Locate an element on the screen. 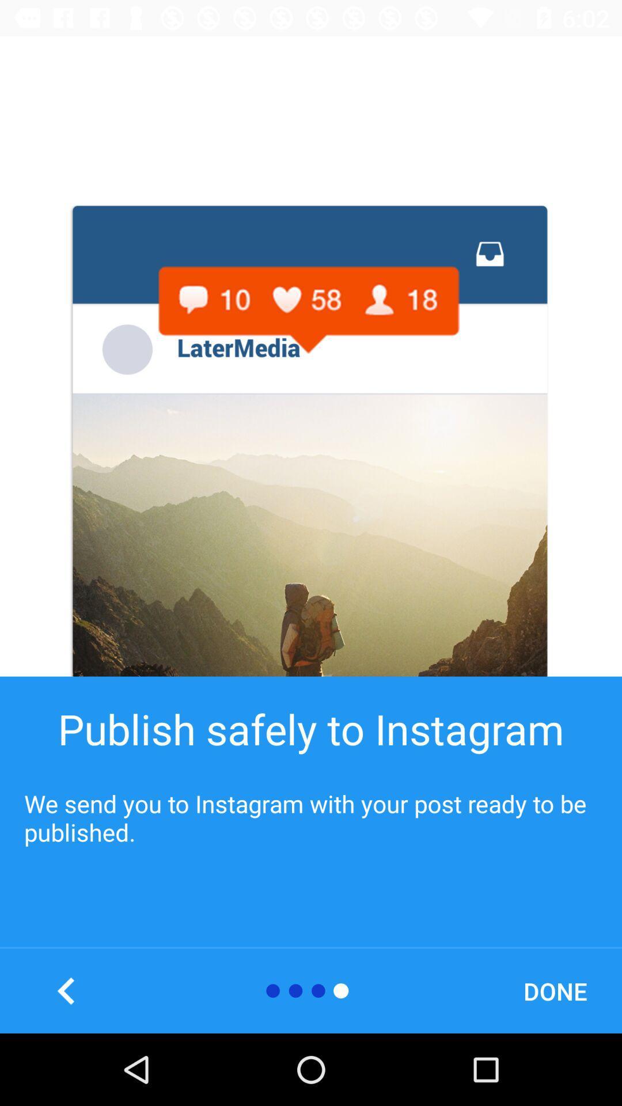 This screenshot has height=1106, width=622. the item at the bottom left corner is located at coordinates (66, 990).